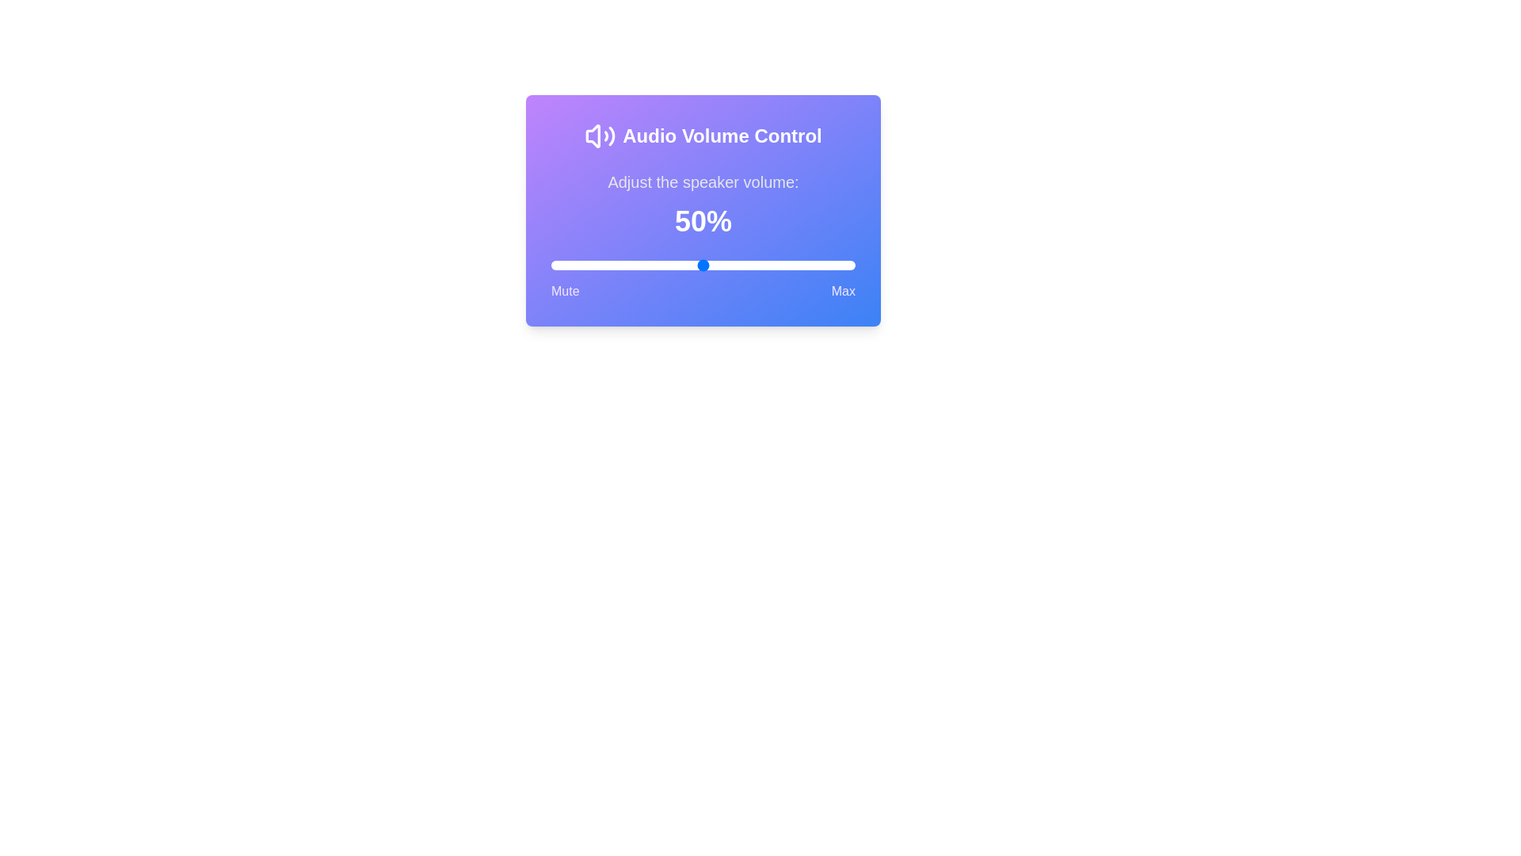  What do you see at coordinates (565, 291) in the screenshot?
I see `the Mute label to interact with it` at bounding box center [565, 291].